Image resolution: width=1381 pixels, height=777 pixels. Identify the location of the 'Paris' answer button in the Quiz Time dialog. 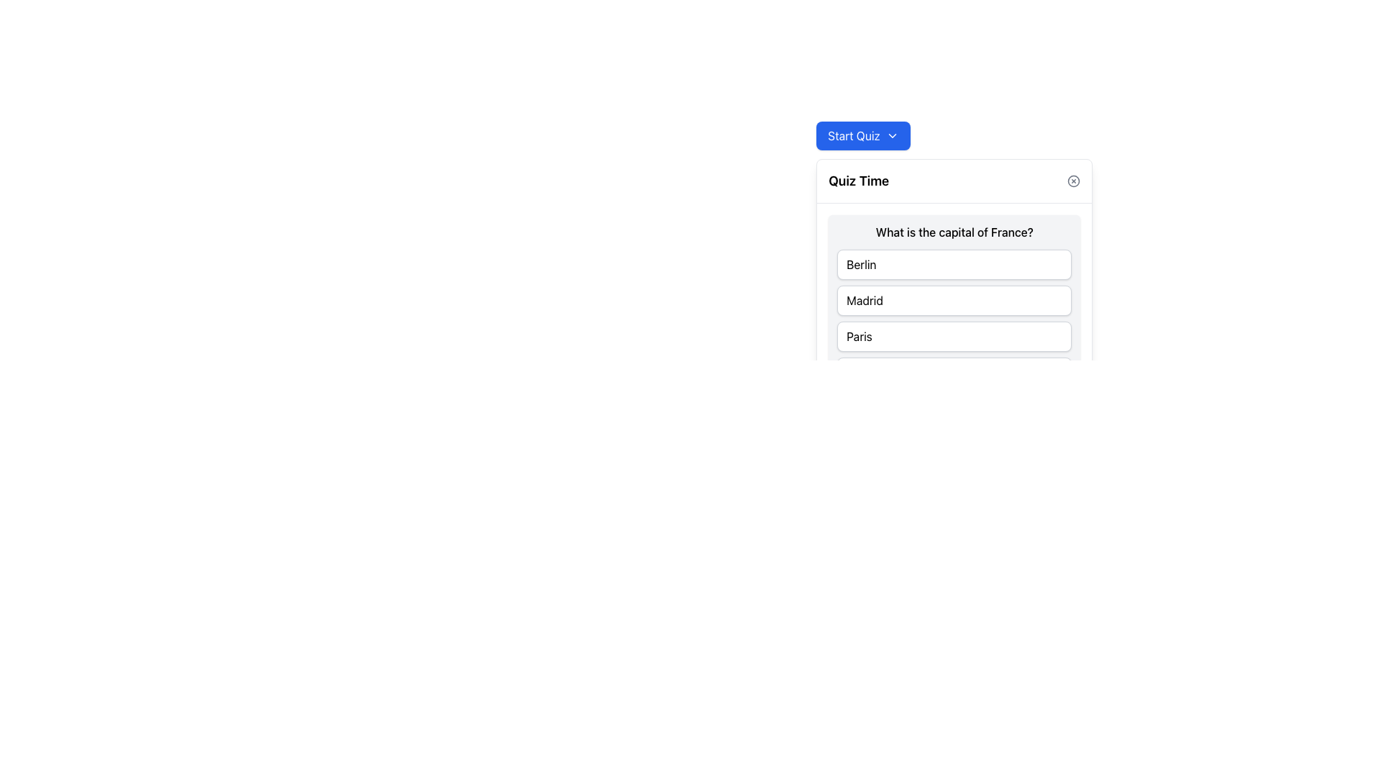
(954, 336).